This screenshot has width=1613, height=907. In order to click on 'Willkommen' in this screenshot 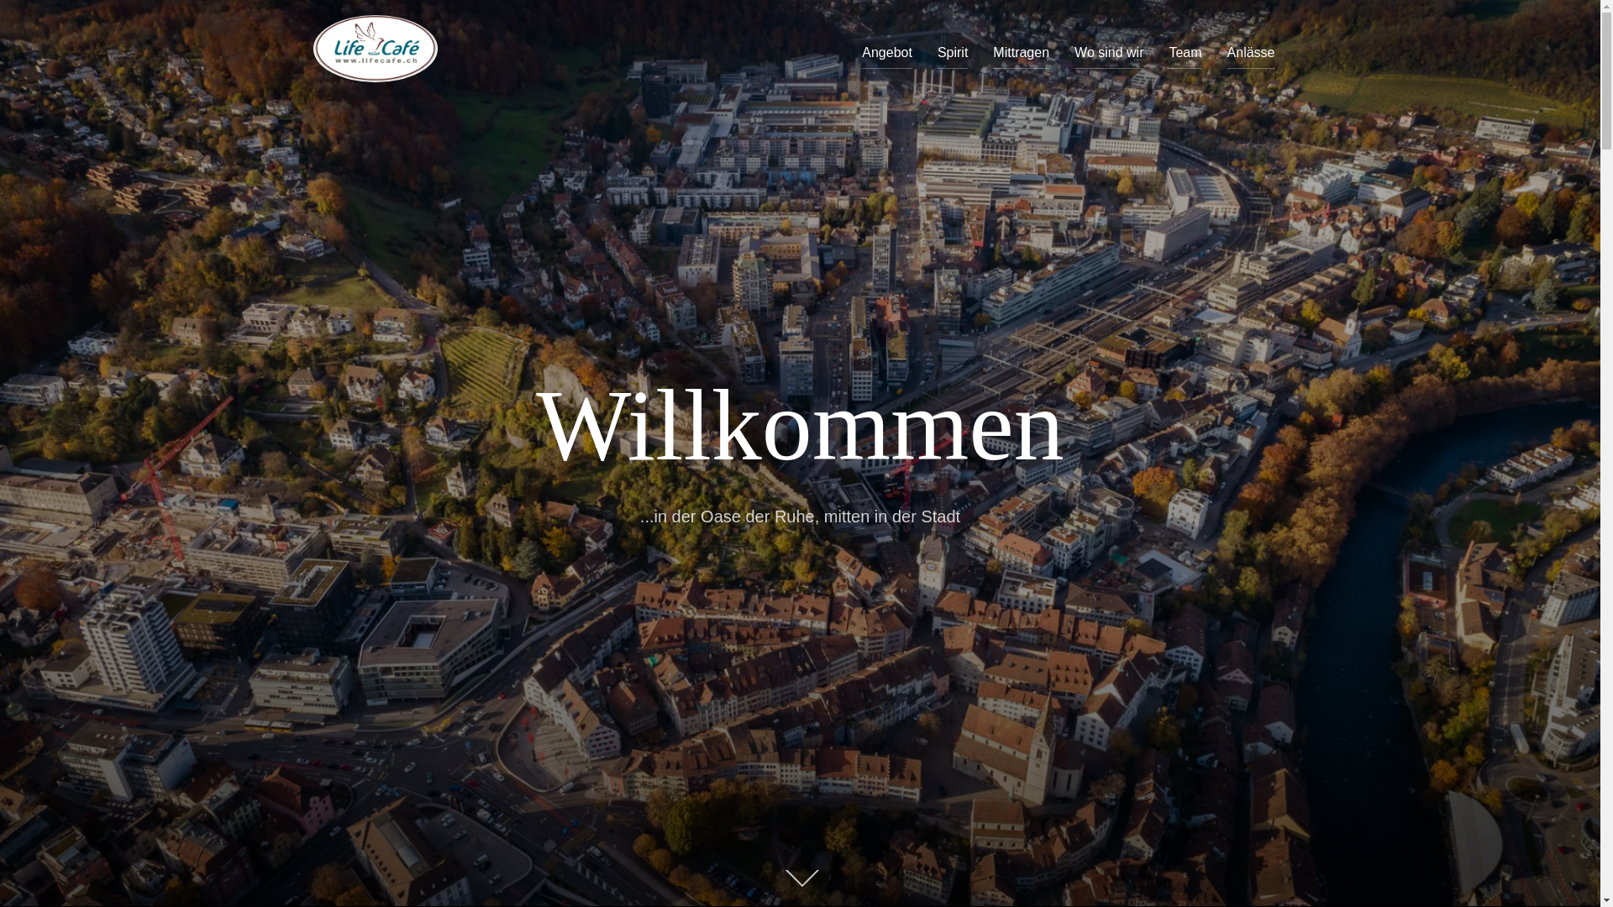, I will do `click(798, 424)`.